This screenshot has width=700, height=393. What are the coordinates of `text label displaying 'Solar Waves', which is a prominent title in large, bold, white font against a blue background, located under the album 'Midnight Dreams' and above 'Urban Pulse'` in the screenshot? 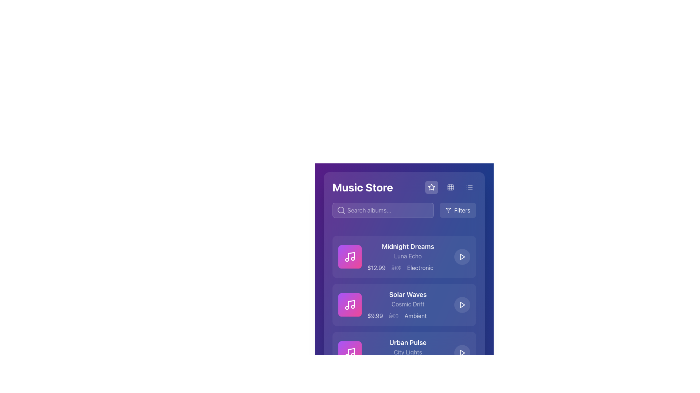 It's located at (407, 295).